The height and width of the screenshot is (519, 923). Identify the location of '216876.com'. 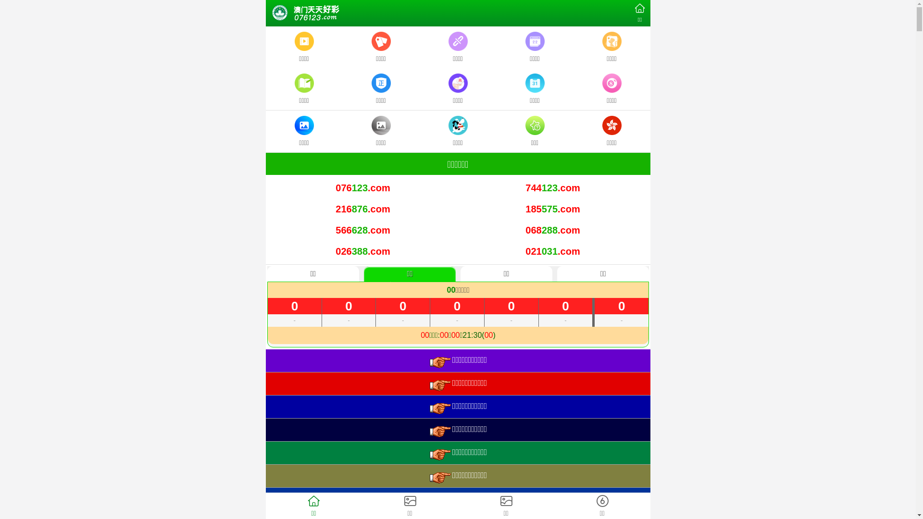
(362, 209).